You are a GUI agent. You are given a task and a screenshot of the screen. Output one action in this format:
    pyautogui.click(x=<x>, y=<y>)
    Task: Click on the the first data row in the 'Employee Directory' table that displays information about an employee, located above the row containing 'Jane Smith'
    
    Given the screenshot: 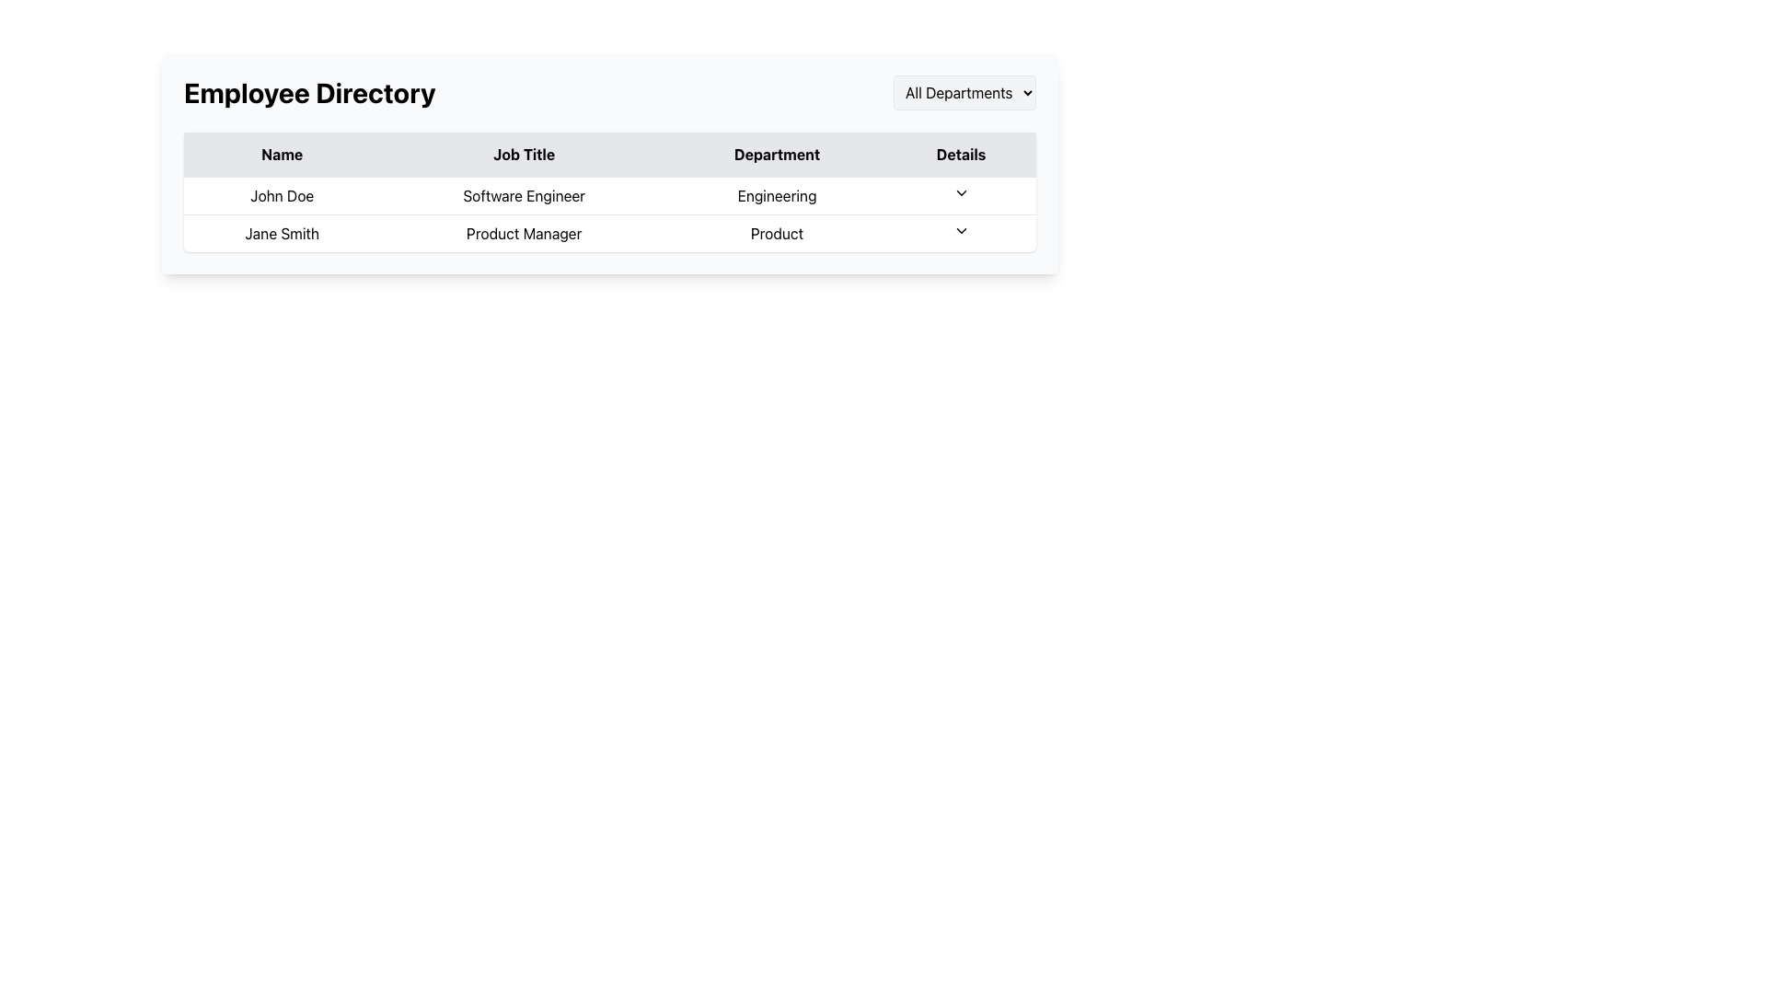 What is the action you would take?
    pyautogui.click(x=609, y=195)
    